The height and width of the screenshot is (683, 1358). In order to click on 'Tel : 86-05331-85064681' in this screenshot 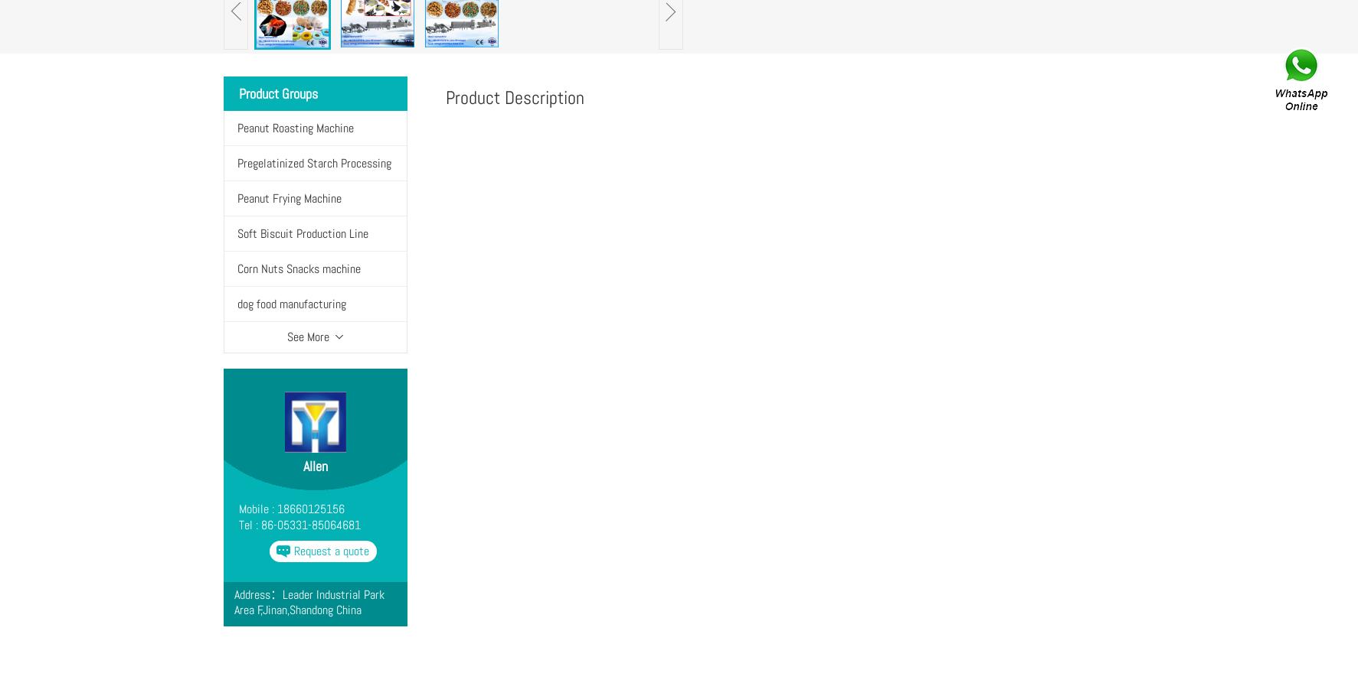, I will do `click(237, 525)`.